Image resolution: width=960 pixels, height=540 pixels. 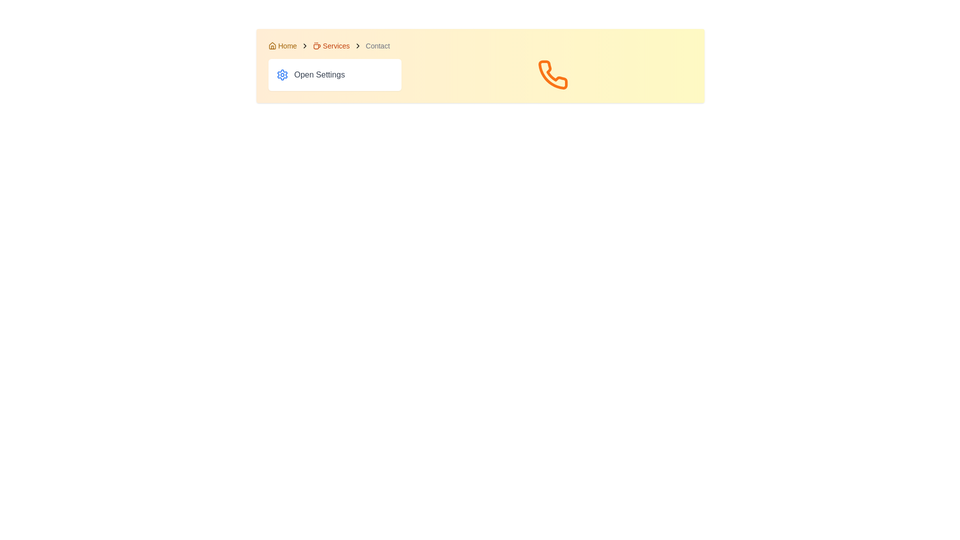 I want to click on the 'Services' link in the breadcrumb navigation bar, so click(x=331, y=46).